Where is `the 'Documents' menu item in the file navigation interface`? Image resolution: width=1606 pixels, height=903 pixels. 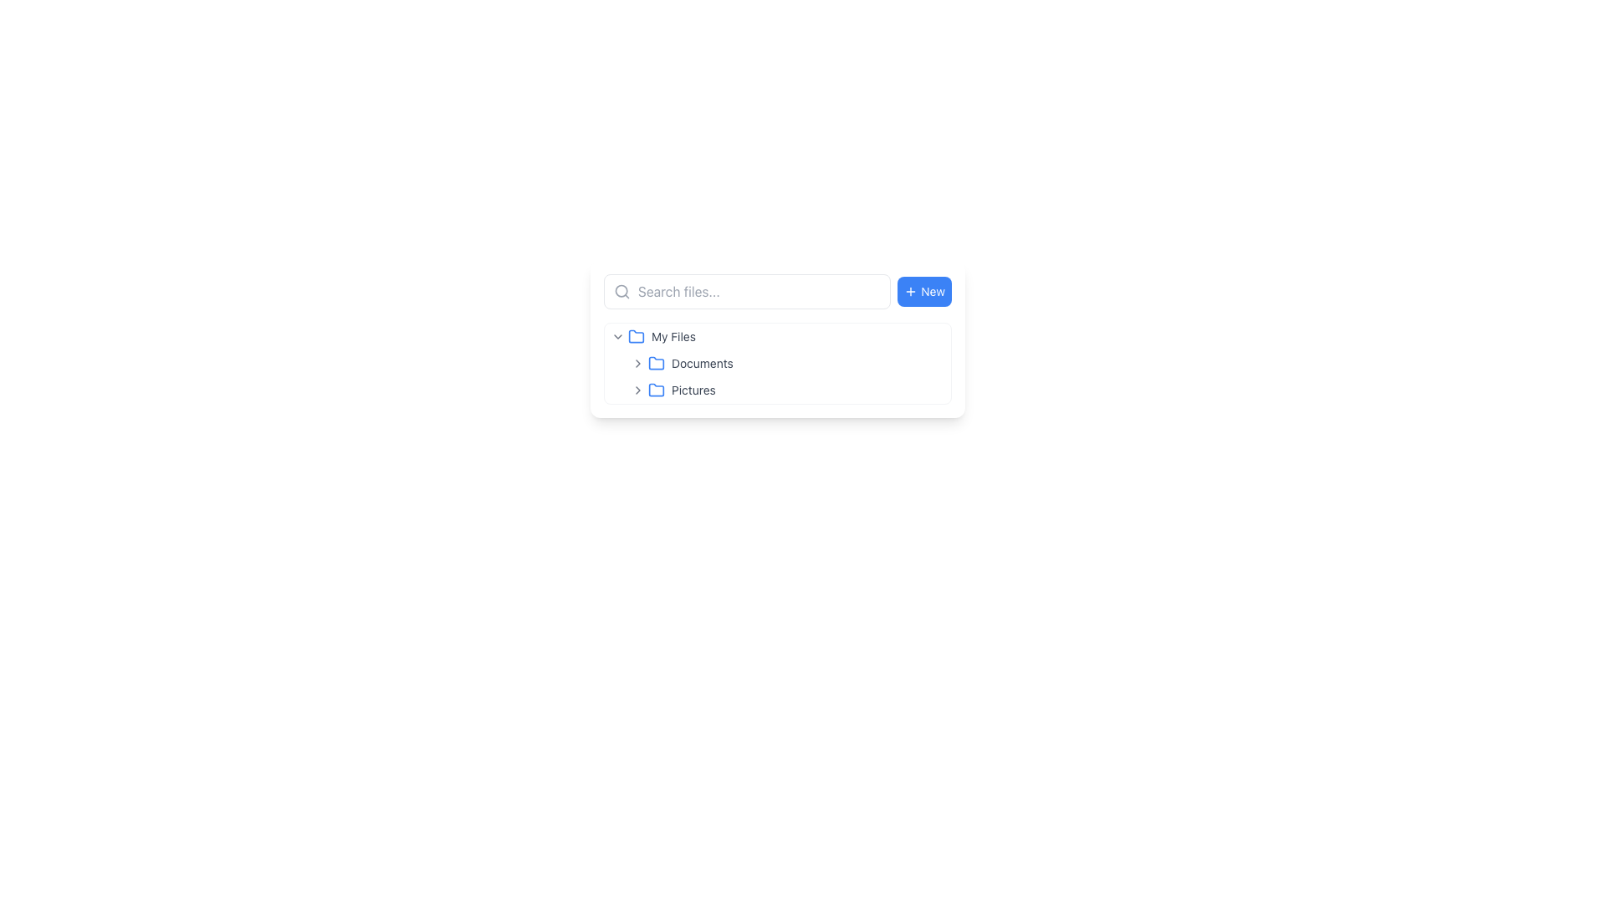 the 'Documents' menu item in the file navigation interface is located at coordinates (786, 363).